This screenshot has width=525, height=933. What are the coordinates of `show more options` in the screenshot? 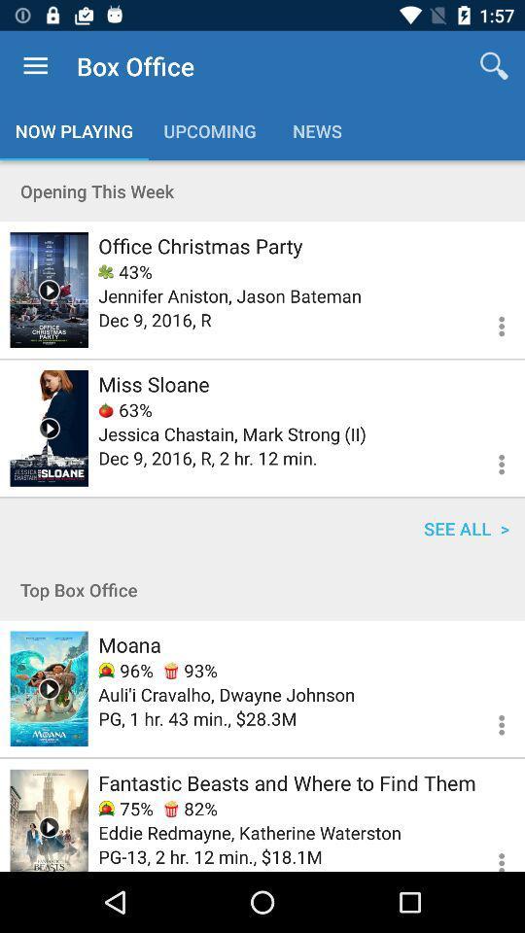 It's located at (489, 721).